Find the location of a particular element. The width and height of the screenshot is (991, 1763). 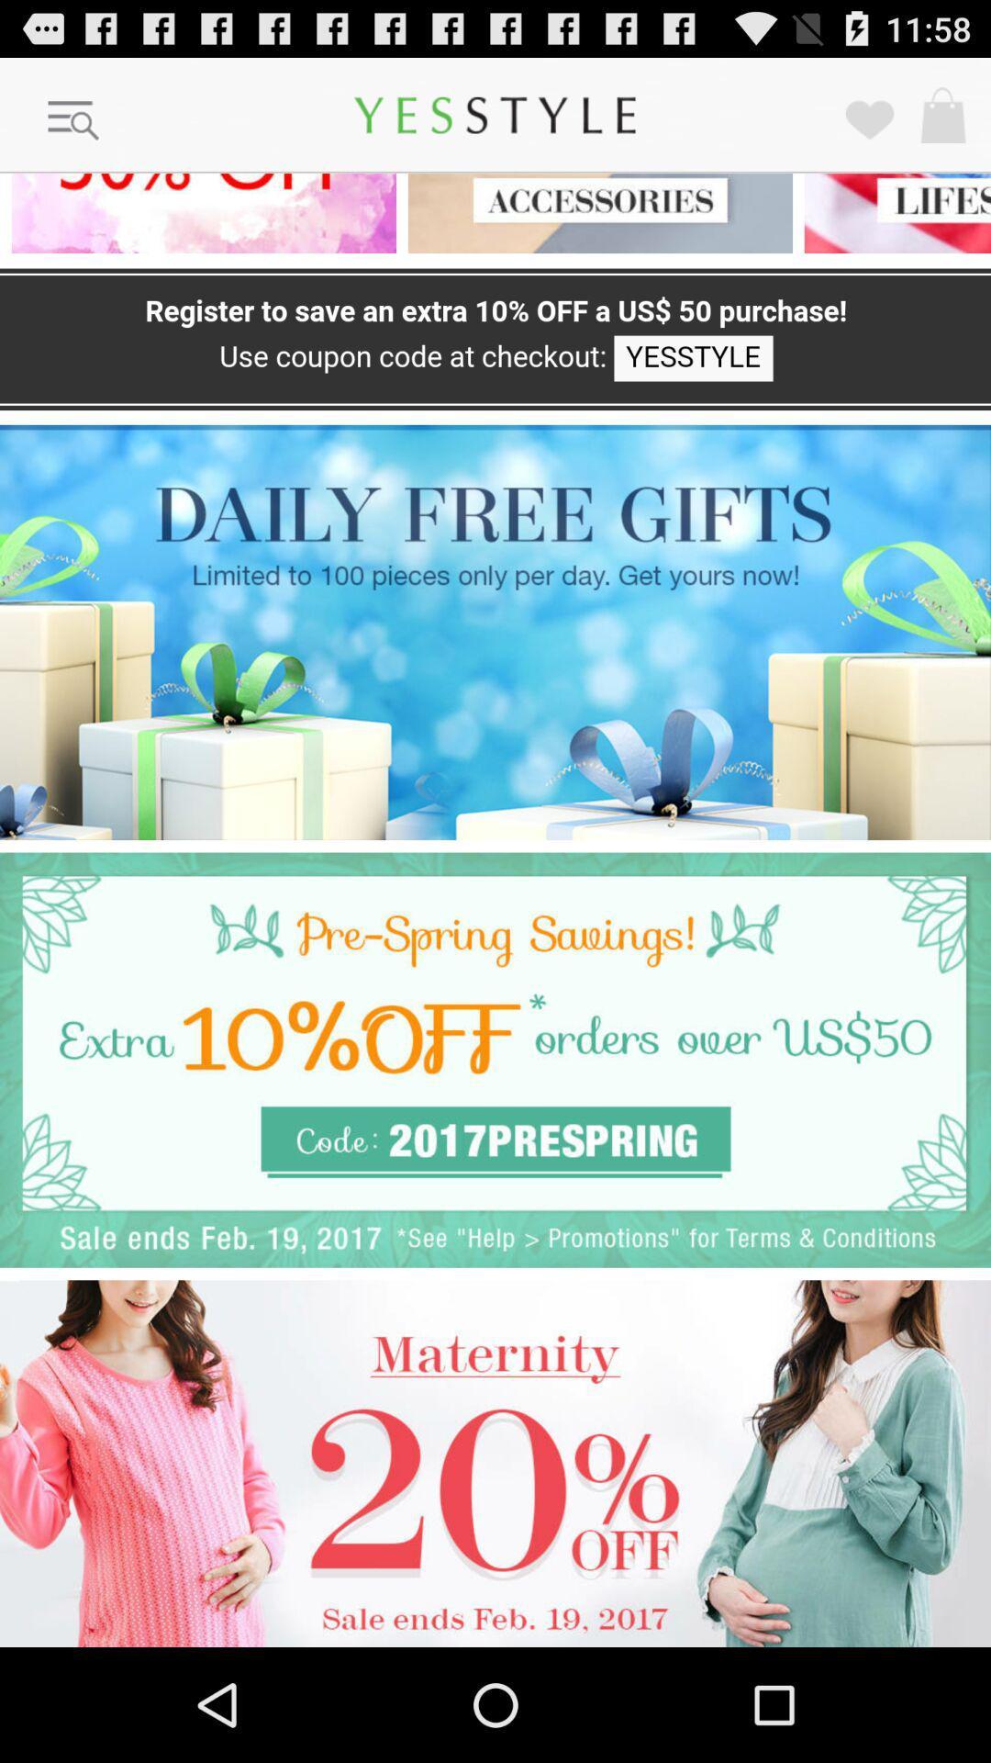

more option button is located at coordinates (73, 120).